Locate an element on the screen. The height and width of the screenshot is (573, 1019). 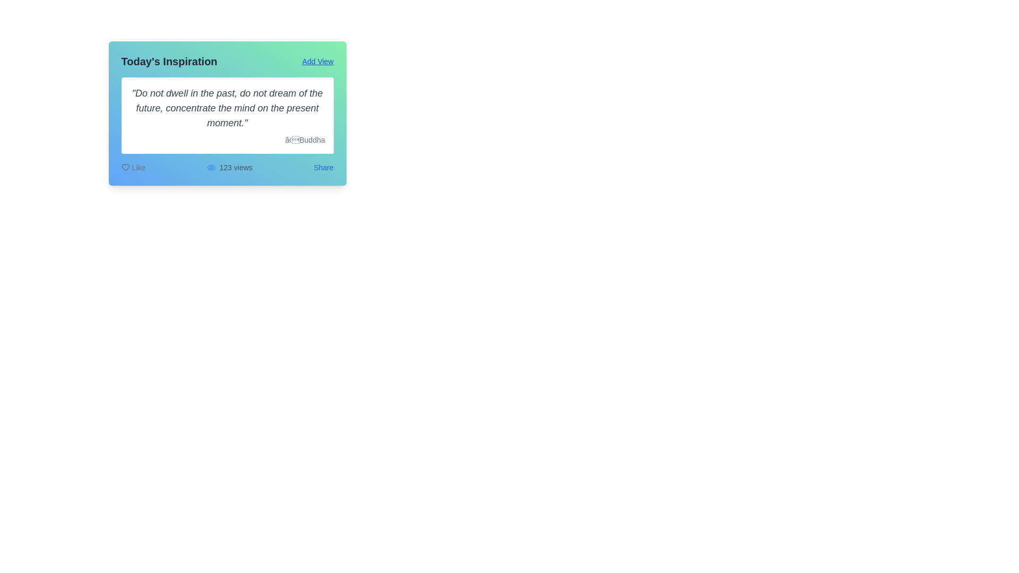
the 'like' status text label located to the right of the heart icon at the bottom left of the 'Today's Inspiration' card is located at coordinates (138, 167).